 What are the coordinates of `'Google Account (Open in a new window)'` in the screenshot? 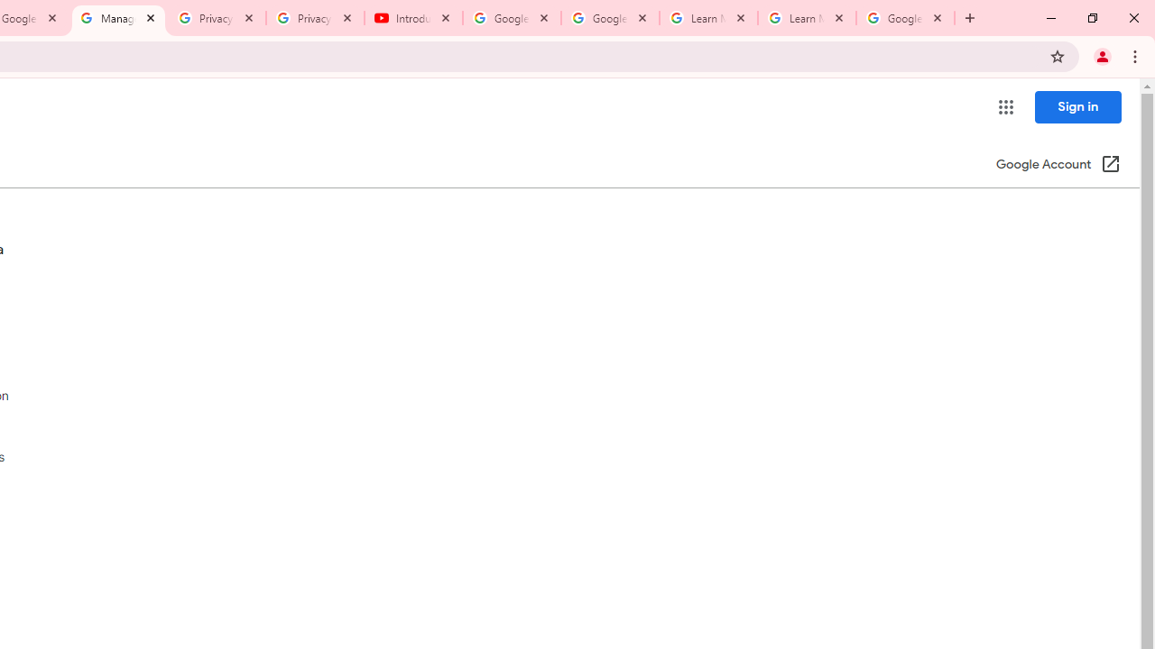 It's located at (1058, 165).